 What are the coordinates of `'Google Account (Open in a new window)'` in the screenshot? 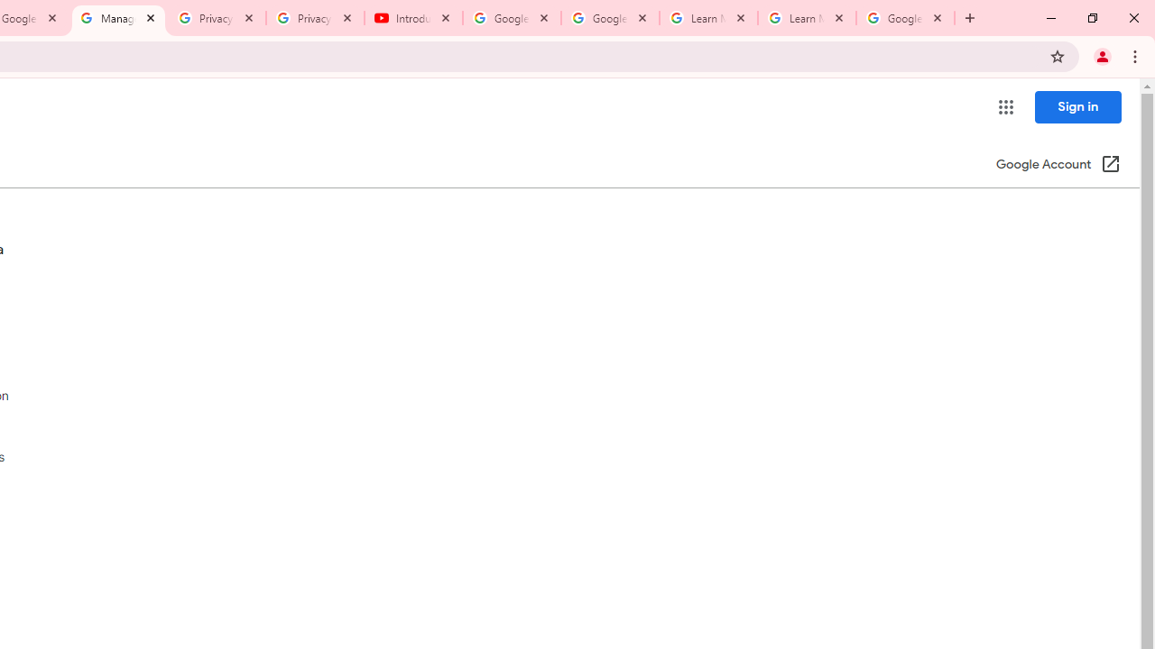 It's located at (1058, 165).